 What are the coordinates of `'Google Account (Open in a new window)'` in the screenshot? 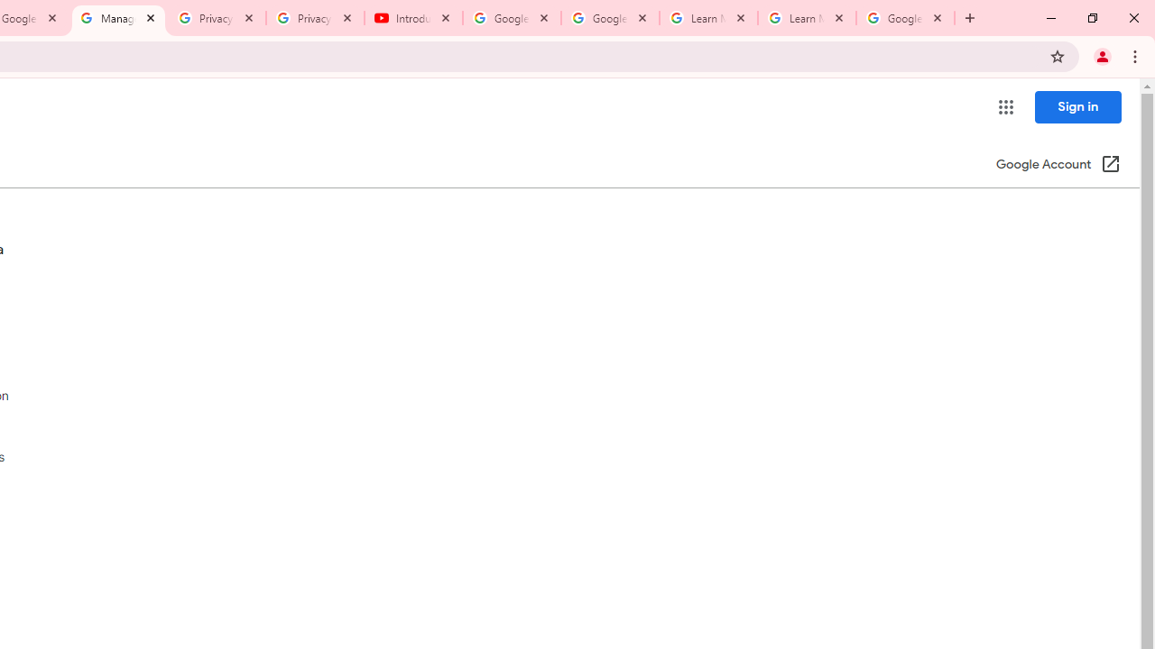 It's located at (1058, 165).